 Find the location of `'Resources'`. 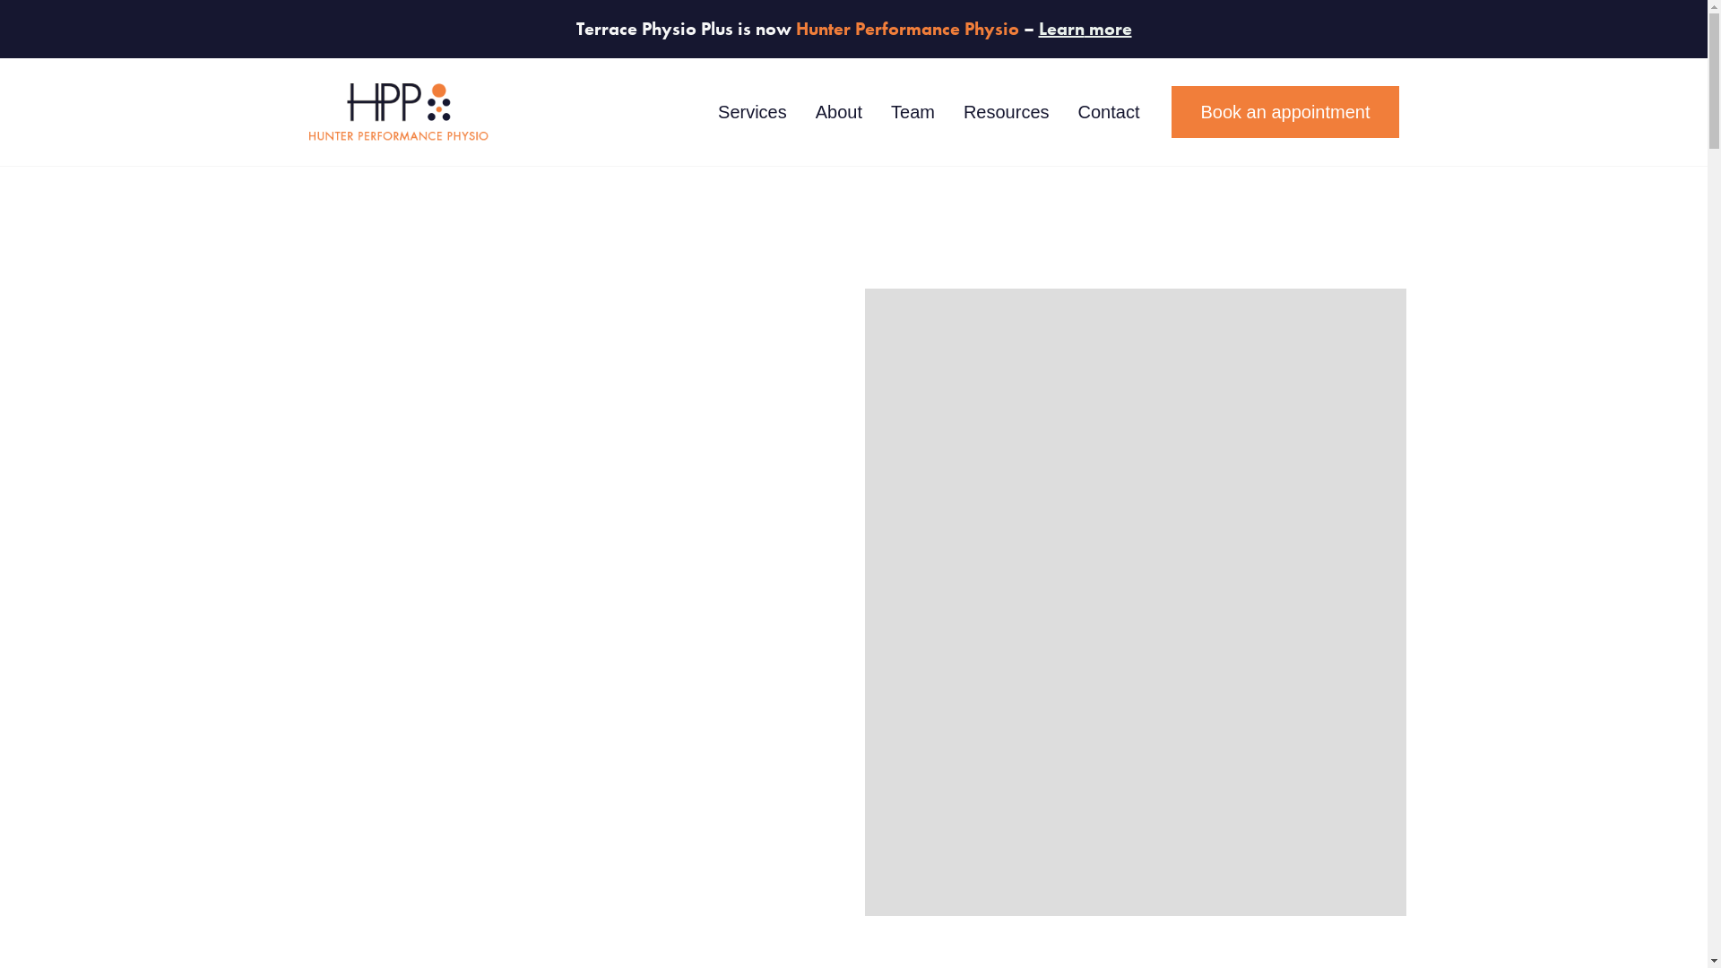

'Resources' is located at coordinates (948, 112).